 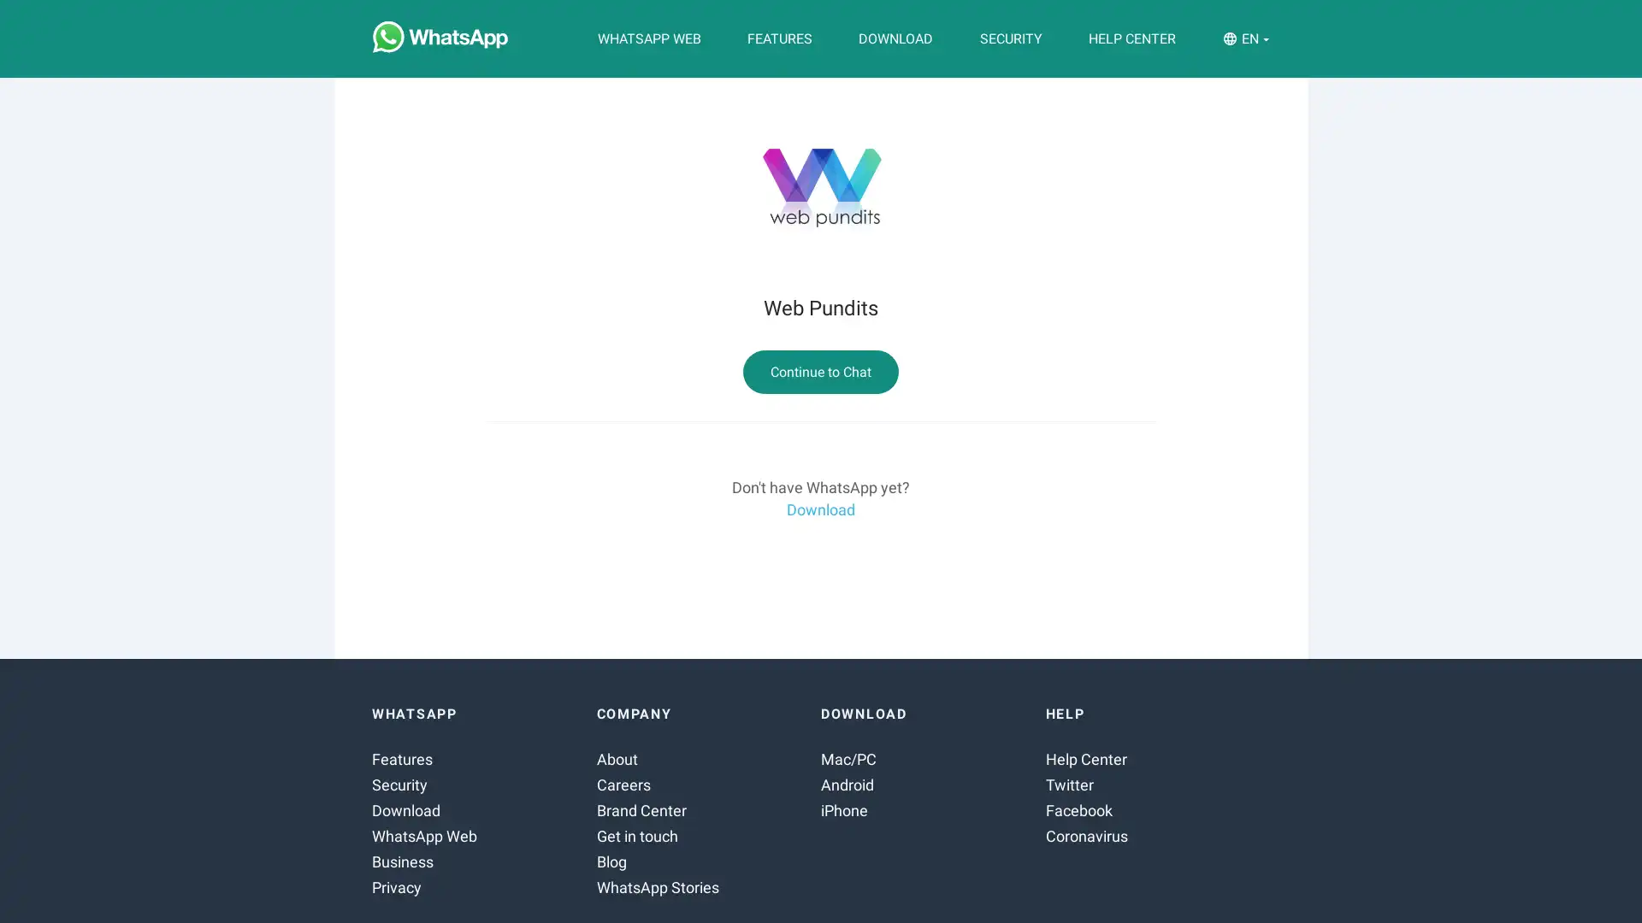 I want to click on EN, so click(x=1246, y=38).